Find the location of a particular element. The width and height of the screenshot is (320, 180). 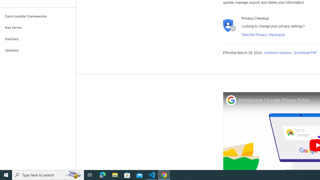

'Download PDF' is located at coordinates (305, 53).